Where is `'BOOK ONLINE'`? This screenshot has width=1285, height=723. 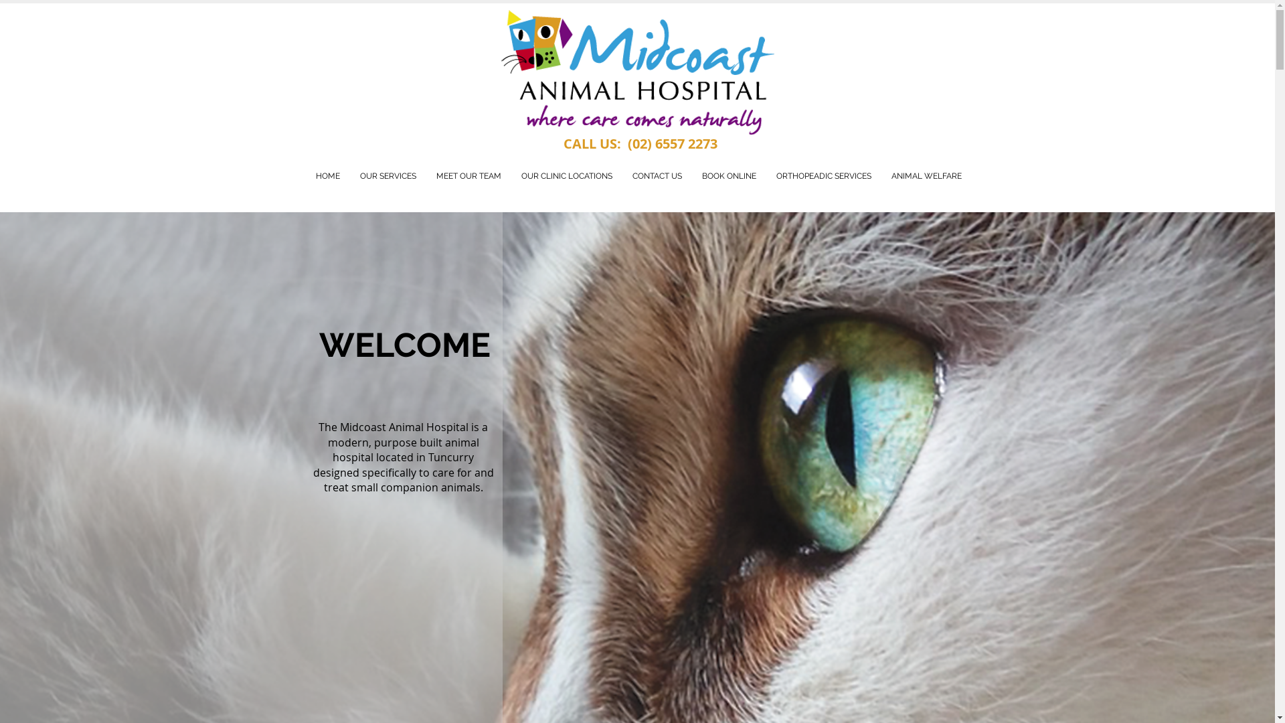 'BOOK ONLINE' is located at coordinates (728, 175).